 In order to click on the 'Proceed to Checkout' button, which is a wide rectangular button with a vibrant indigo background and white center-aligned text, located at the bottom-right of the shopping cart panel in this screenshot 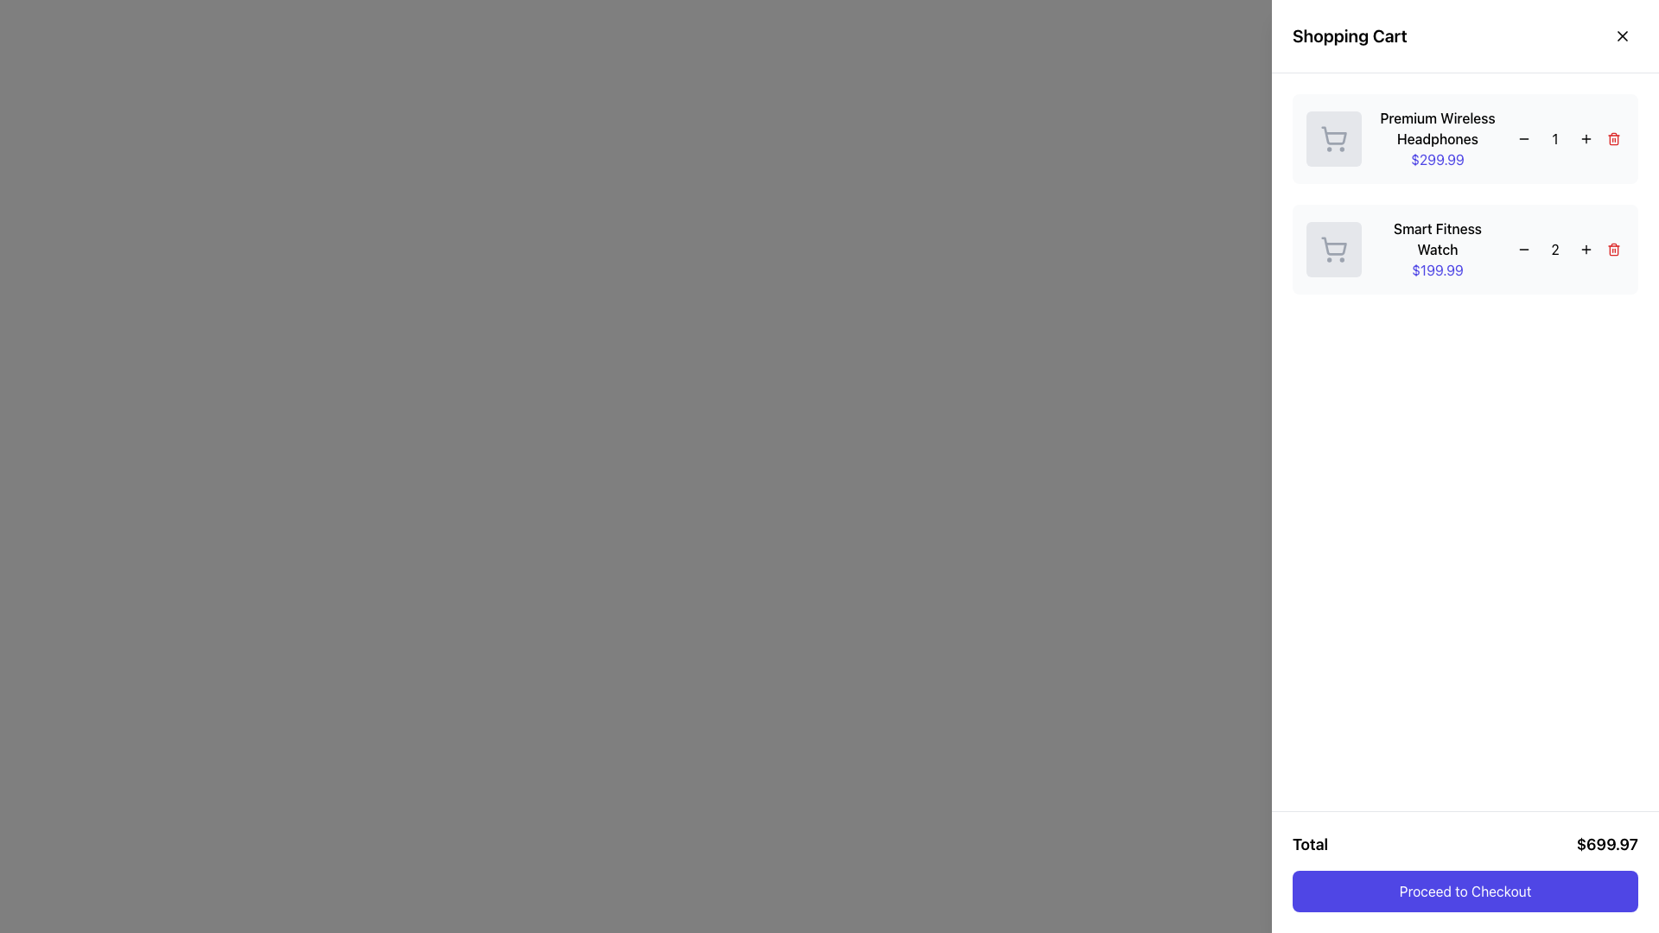, I will do `click(1464, 892)`.